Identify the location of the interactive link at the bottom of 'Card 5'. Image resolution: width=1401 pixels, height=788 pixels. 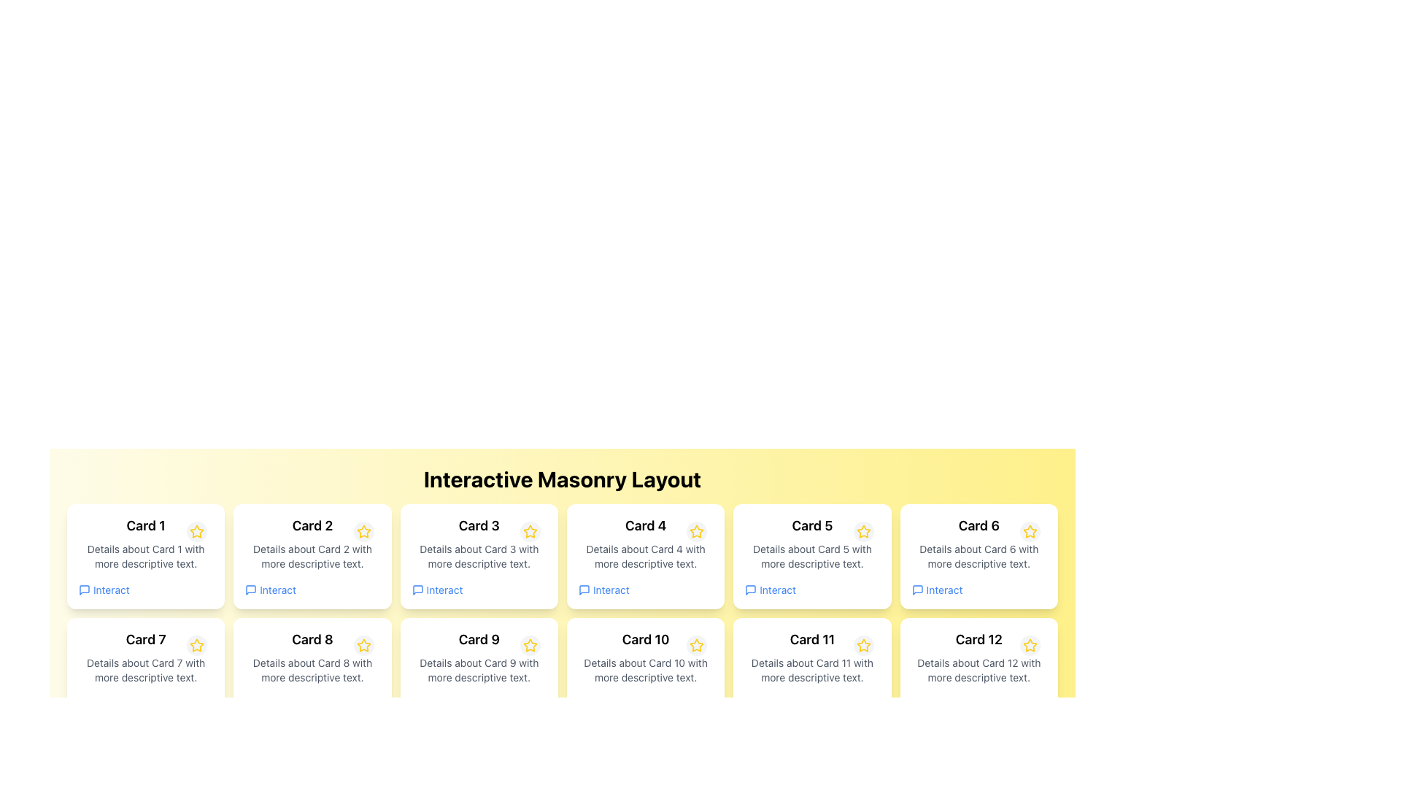
(770, 590).